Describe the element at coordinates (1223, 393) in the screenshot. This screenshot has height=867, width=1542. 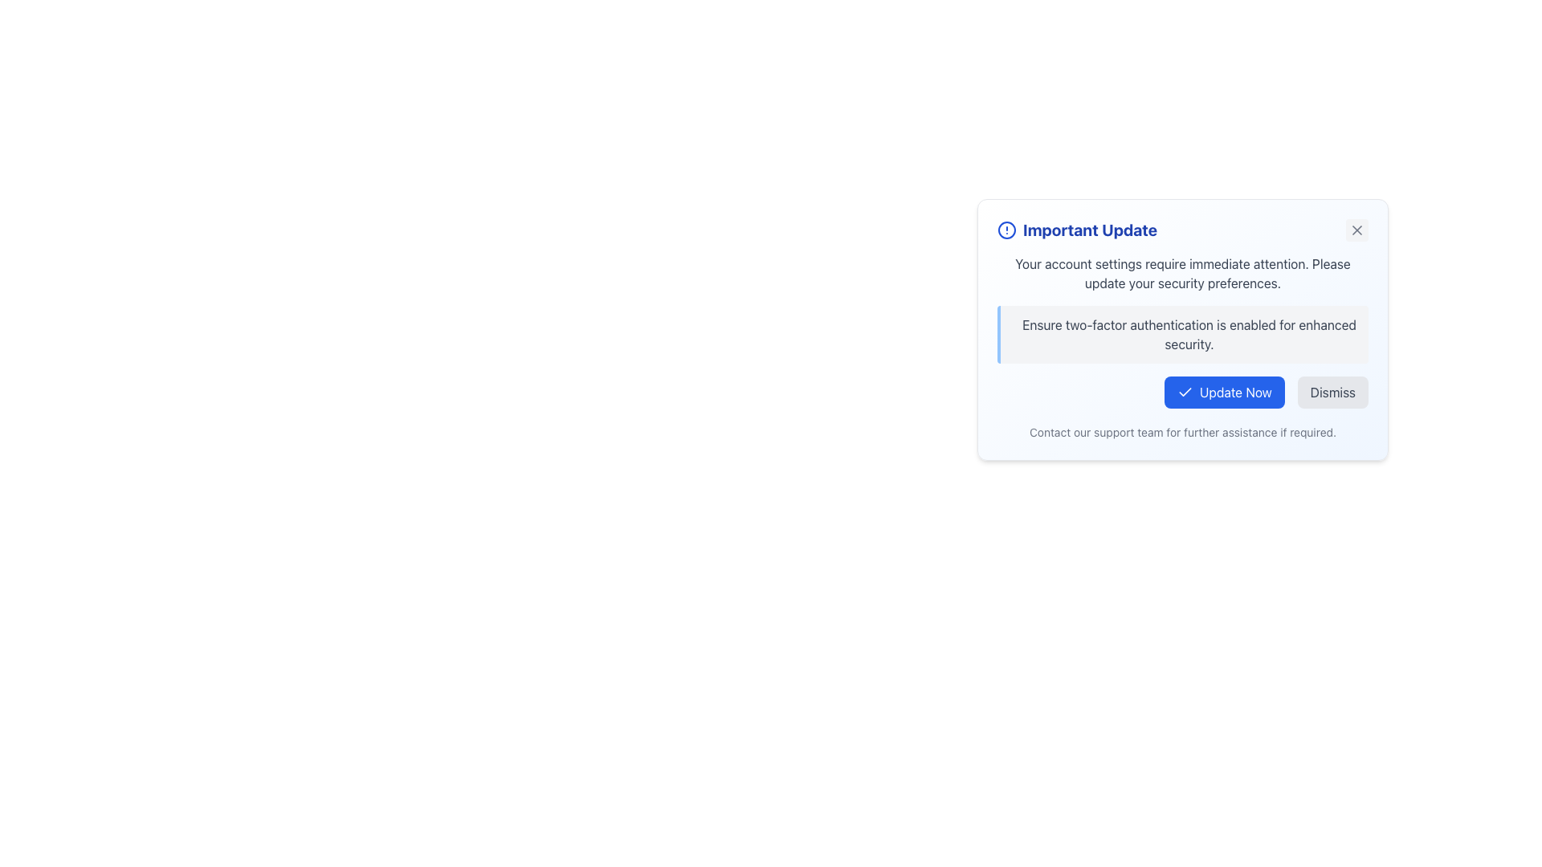
I see `the 'Update Now' button, which has a blue background and white text, located in the bottom-right section of the modal dialog box` at that location.